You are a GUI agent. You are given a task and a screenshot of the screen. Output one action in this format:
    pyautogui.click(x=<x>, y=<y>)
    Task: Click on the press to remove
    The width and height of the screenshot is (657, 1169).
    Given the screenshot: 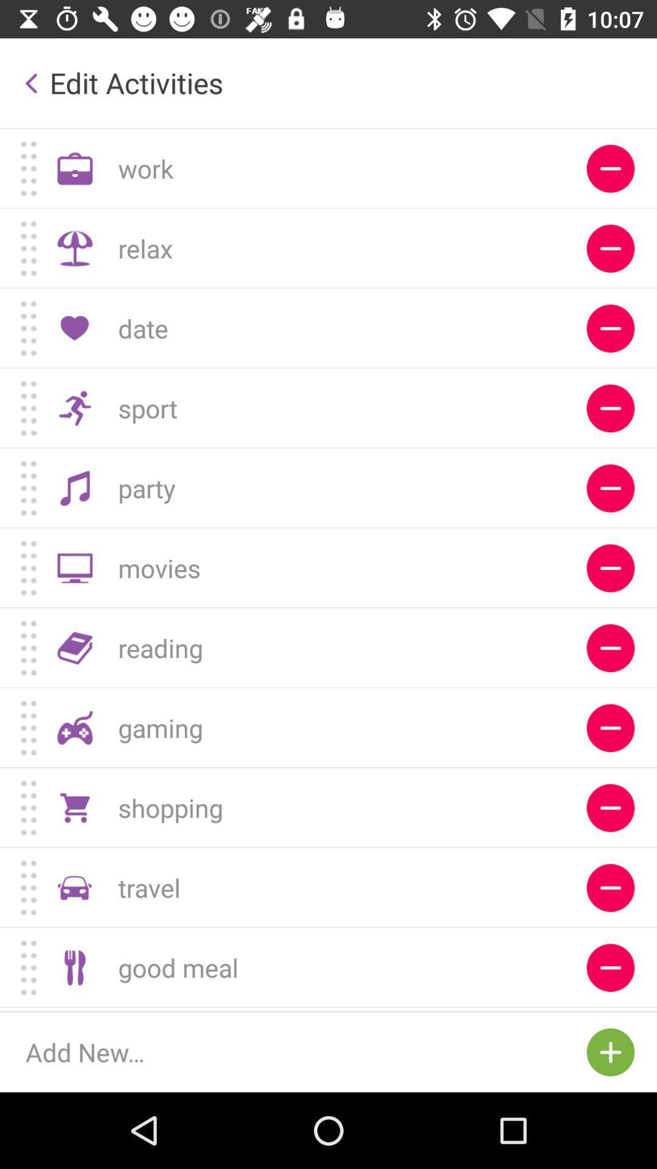 What is the action you would take?
    pyautogui.click(x=610, y=967)
    